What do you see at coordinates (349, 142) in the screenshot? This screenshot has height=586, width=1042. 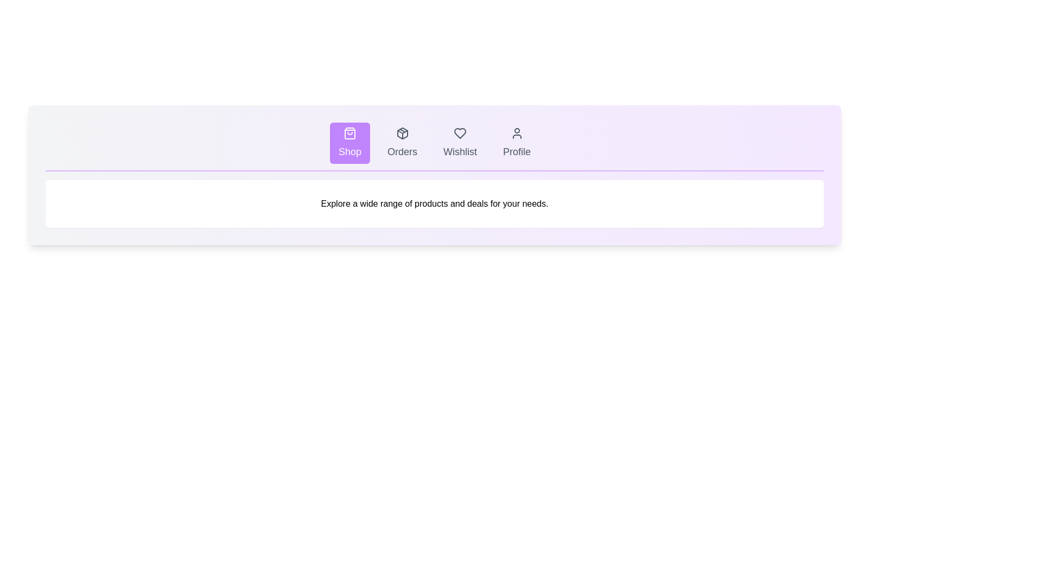 I see `the tab corresponding to Shop by clicking on it` at bounding box center [349, 142].